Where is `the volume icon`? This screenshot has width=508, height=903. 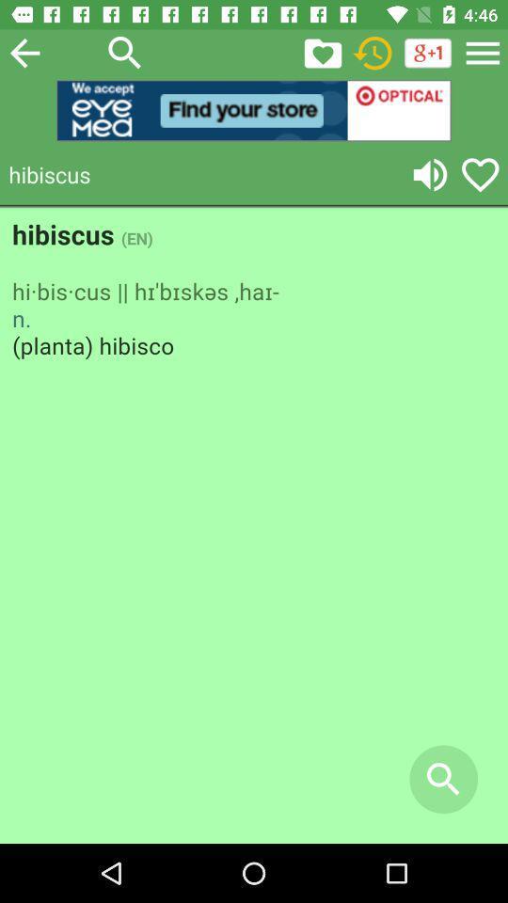
the volume icon is located at coordinates (430, 174).